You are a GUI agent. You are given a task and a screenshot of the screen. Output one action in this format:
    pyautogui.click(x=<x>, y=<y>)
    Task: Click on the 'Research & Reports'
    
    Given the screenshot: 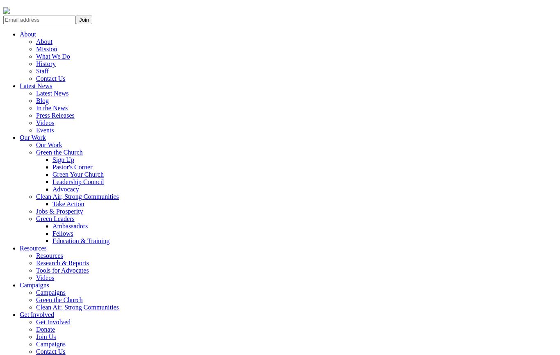 What is the action you would take?
    pyautogui.click(x=62, y=263)
    